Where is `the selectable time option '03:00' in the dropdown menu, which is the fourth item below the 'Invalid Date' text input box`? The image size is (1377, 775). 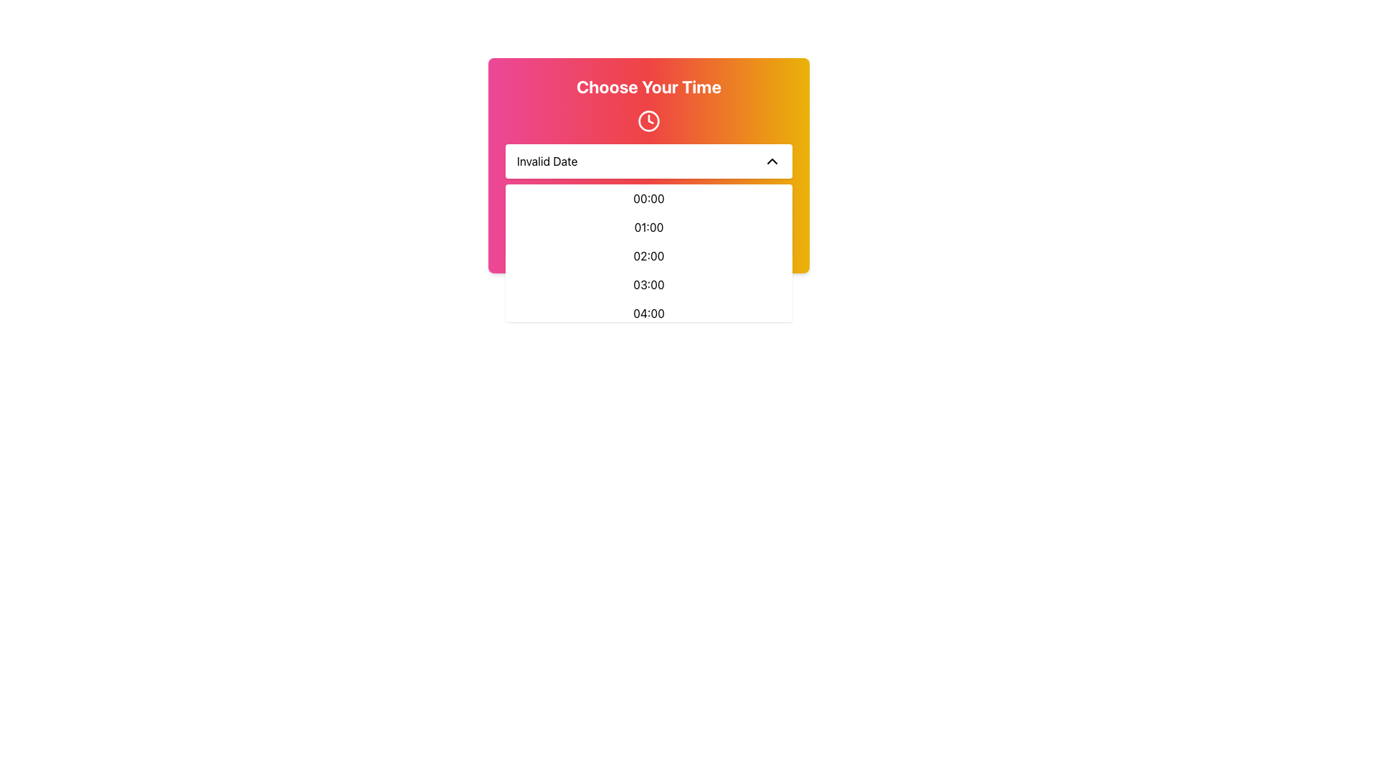 the selectable time option '03:00' in the dropdown menu, which is the fourth item below the 'Invalid Date' text input box is located at coordinates (648, 285).